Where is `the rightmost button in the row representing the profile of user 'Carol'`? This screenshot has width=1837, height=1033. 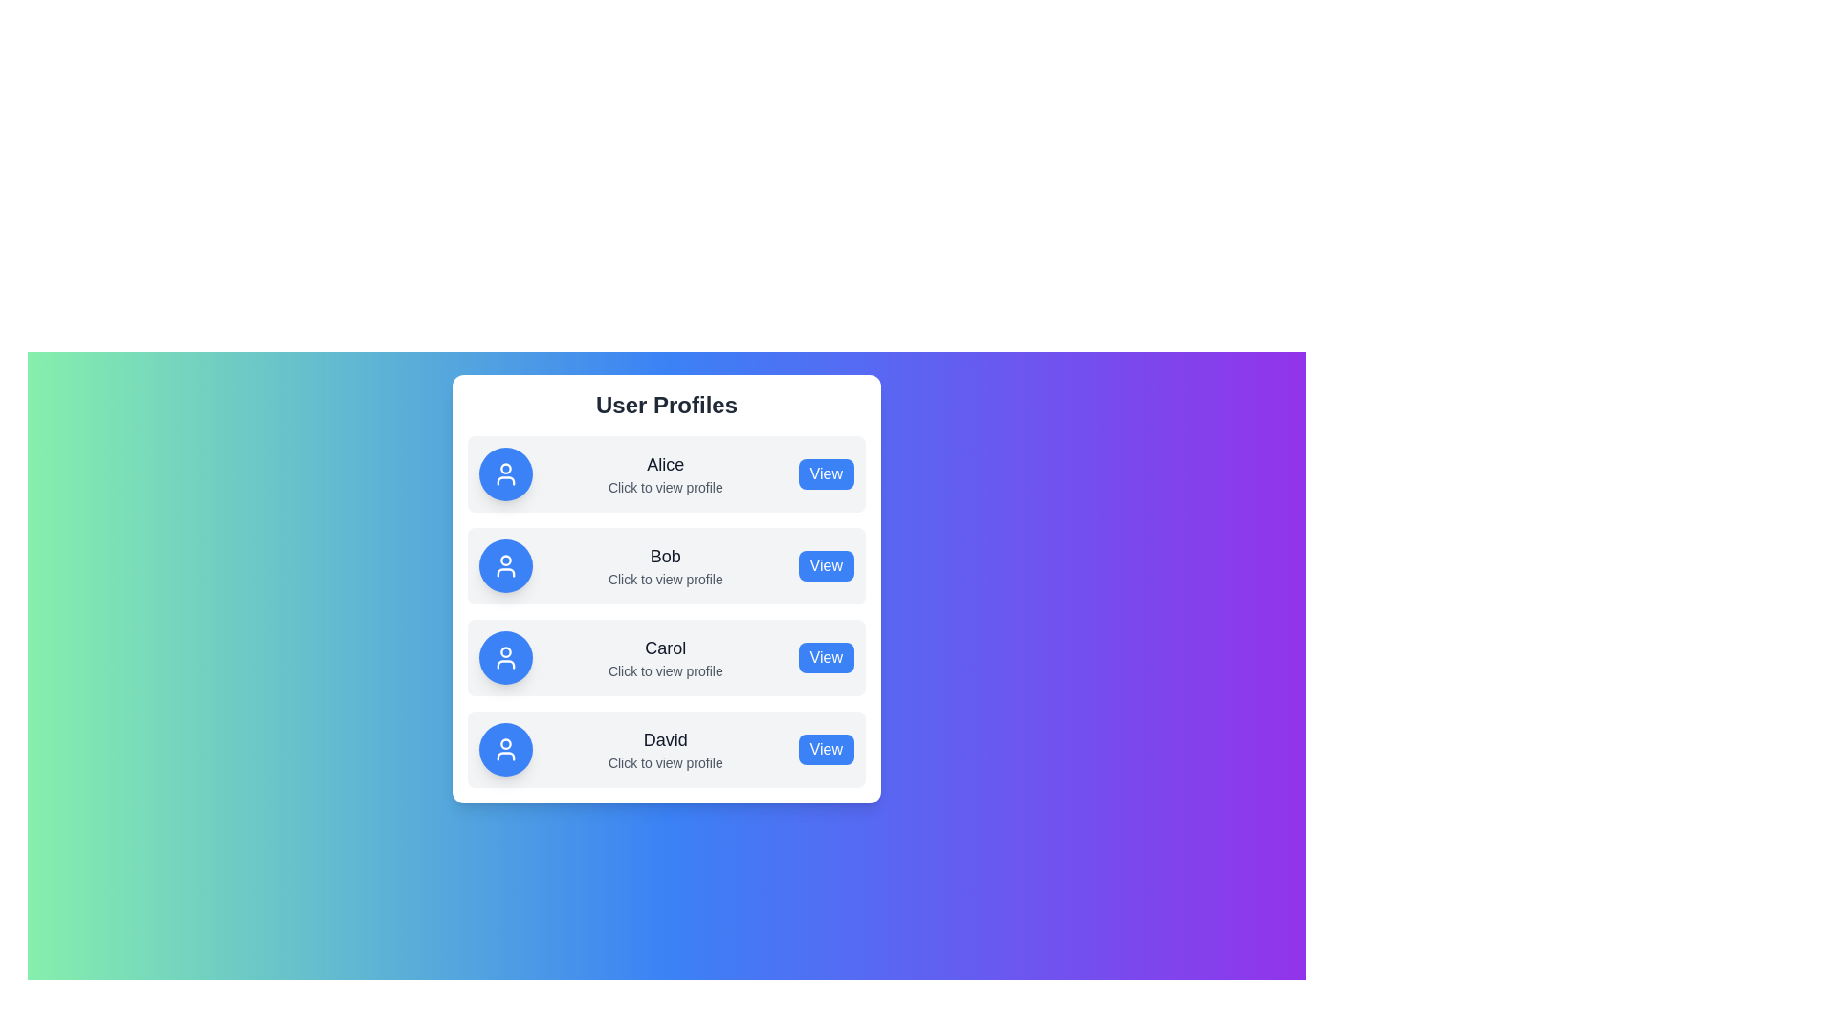 the rightmost button in the row representing the profile of user 'Carol' is located at coordinates (826, 656).